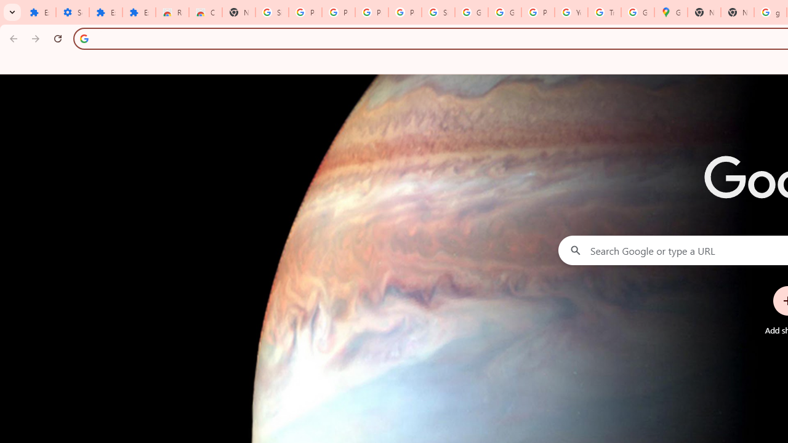 The width and height of the screenshot is (788, 443). Describe the element at coordinates (271, 12) in the screenshot. I see `'Sign in - Google Accounts'` at that location.